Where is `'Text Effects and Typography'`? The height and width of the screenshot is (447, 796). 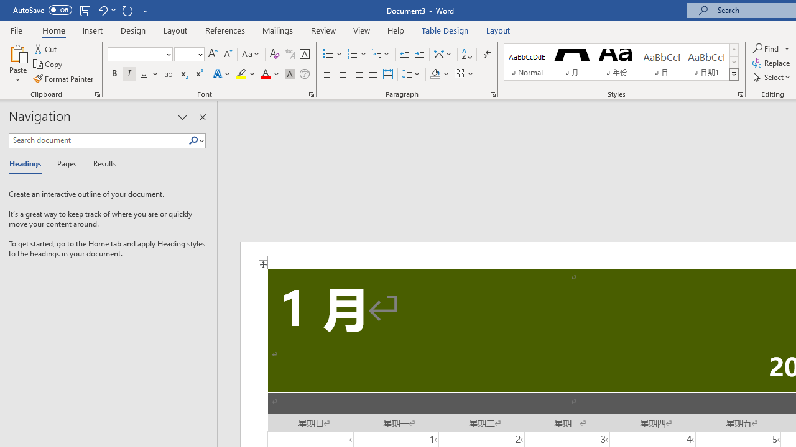
'Text Effects and Typography' is located at coordinates (222, 74).